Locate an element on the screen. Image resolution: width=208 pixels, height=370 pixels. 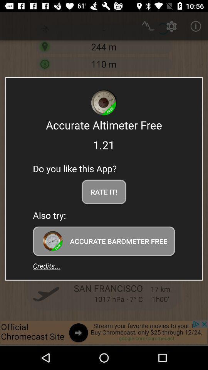
button below accurate barometer free icon is located at coordinates (47, 266).